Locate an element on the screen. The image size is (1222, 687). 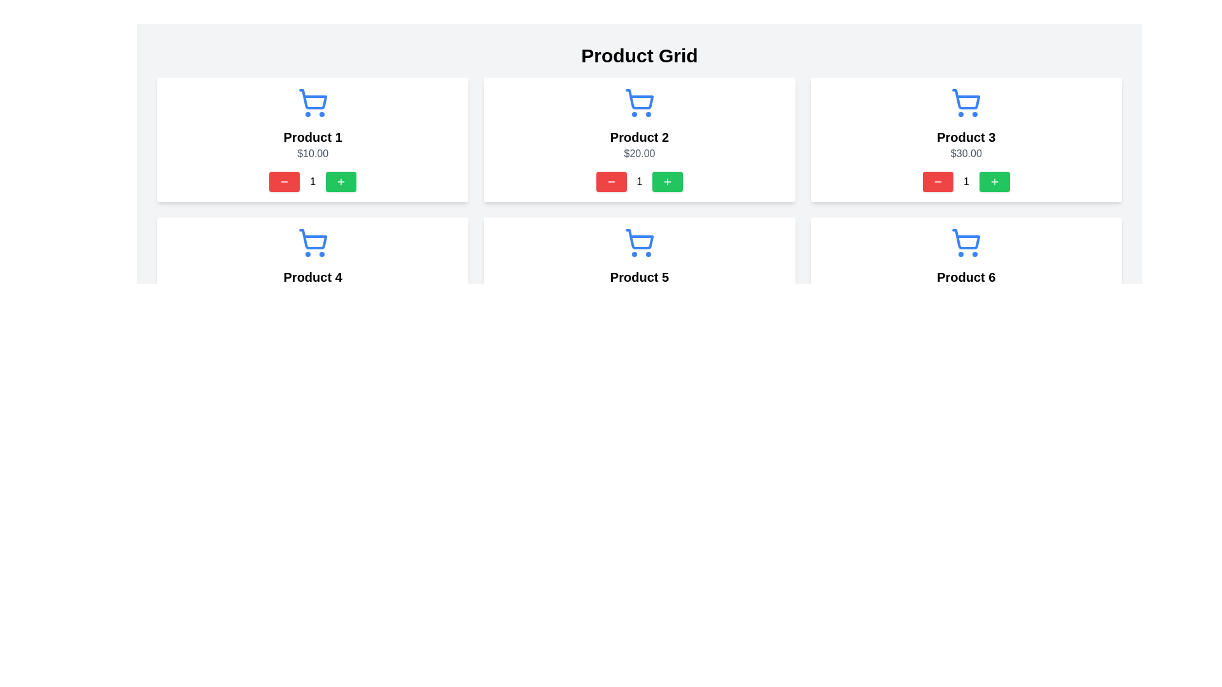
the Product display card located in the third position of the first row, which shows product details and allows quantity adjustments is located at coordinates (966, 139).